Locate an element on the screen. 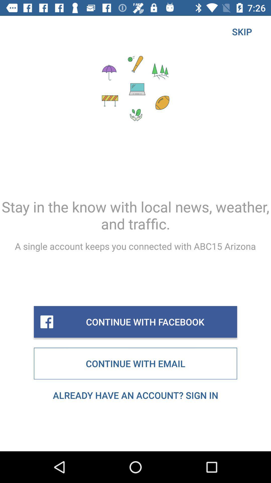 The width and height of the screenshot is (271, 483). already have an icon is located at coordinates (135, 395).